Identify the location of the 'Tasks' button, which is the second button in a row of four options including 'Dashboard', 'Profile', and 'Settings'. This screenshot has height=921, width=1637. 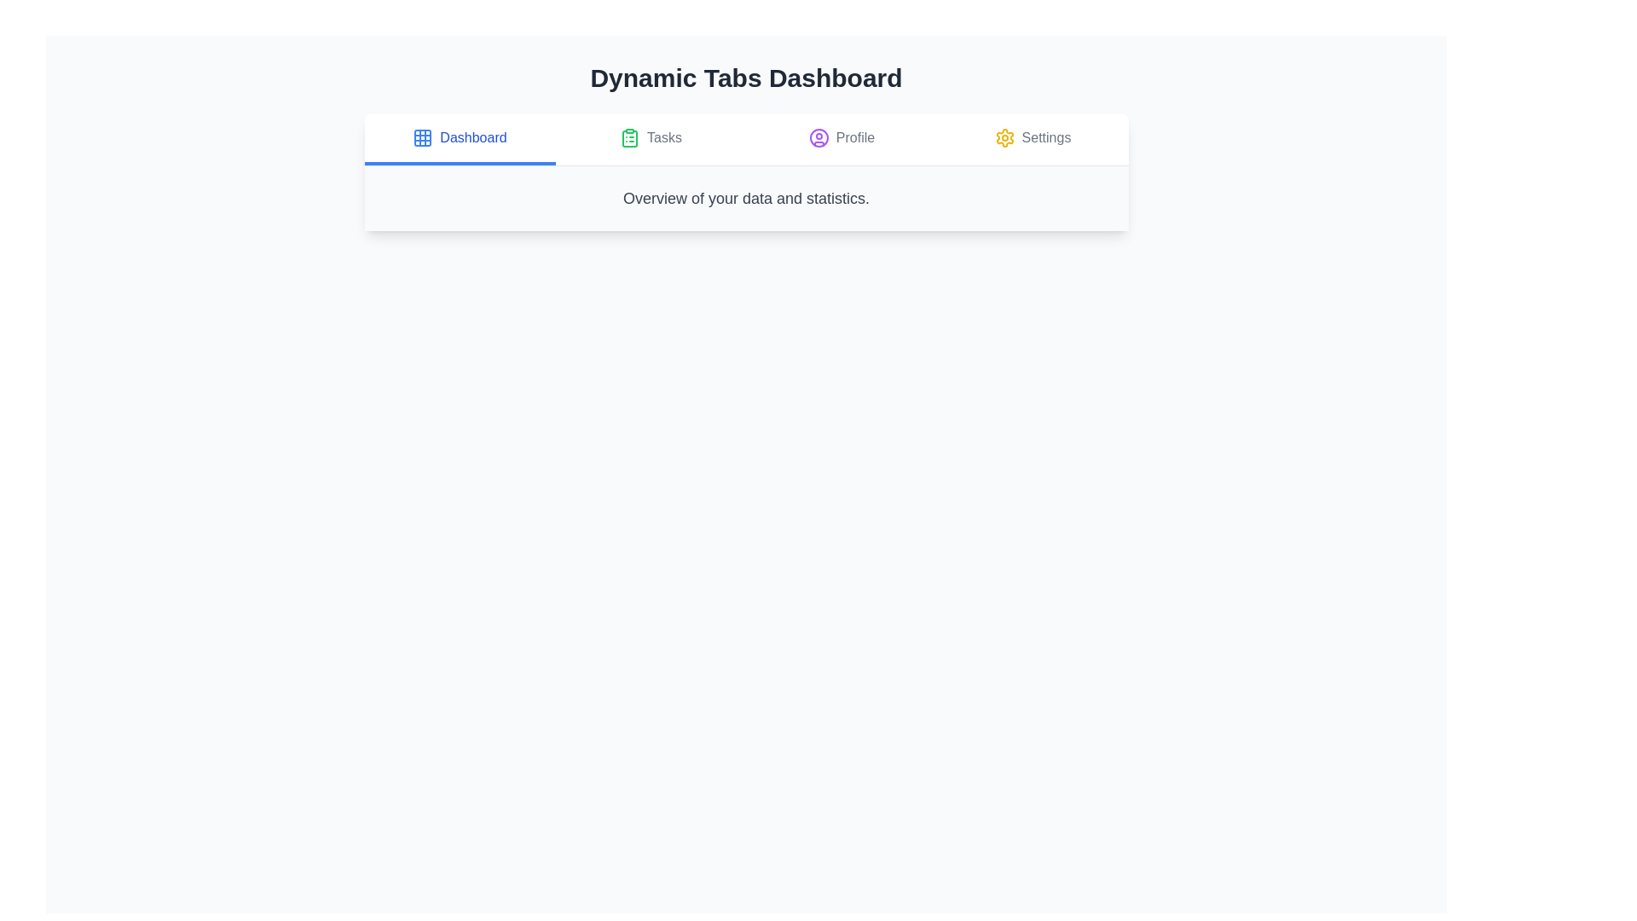
(650, 139).